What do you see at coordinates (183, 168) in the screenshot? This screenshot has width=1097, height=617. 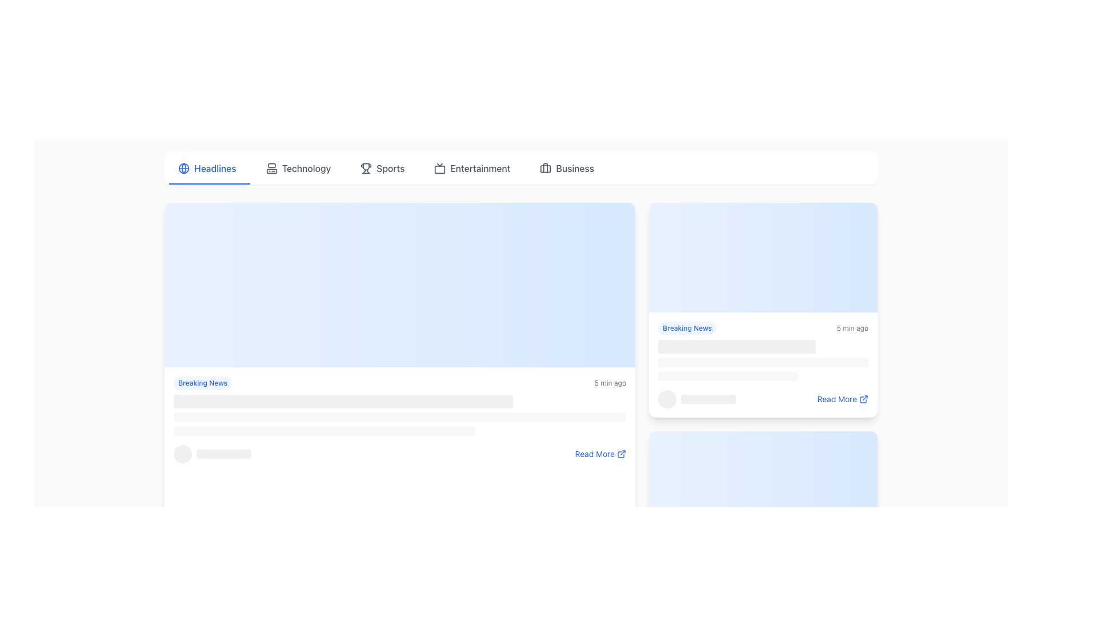 I see `the circular globe icon, which is outlined in blue and located to the left of the 'Headlines' text in the navigation menu` at bounding box center [183, 168].